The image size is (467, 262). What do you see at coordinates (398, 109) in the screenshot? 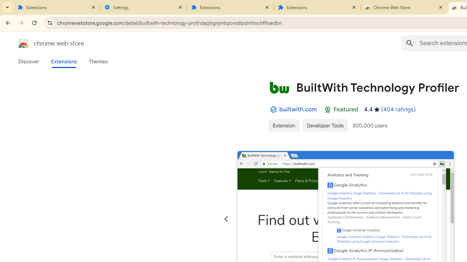
I see `'404 ratings'` at bounding box center [398, 109].